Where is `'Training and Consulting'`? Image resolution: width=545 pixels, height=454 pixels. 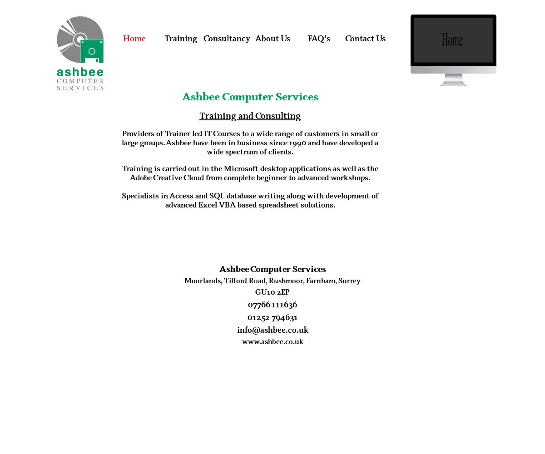 'Training and Consulting' is located at coordinates (199, 115).